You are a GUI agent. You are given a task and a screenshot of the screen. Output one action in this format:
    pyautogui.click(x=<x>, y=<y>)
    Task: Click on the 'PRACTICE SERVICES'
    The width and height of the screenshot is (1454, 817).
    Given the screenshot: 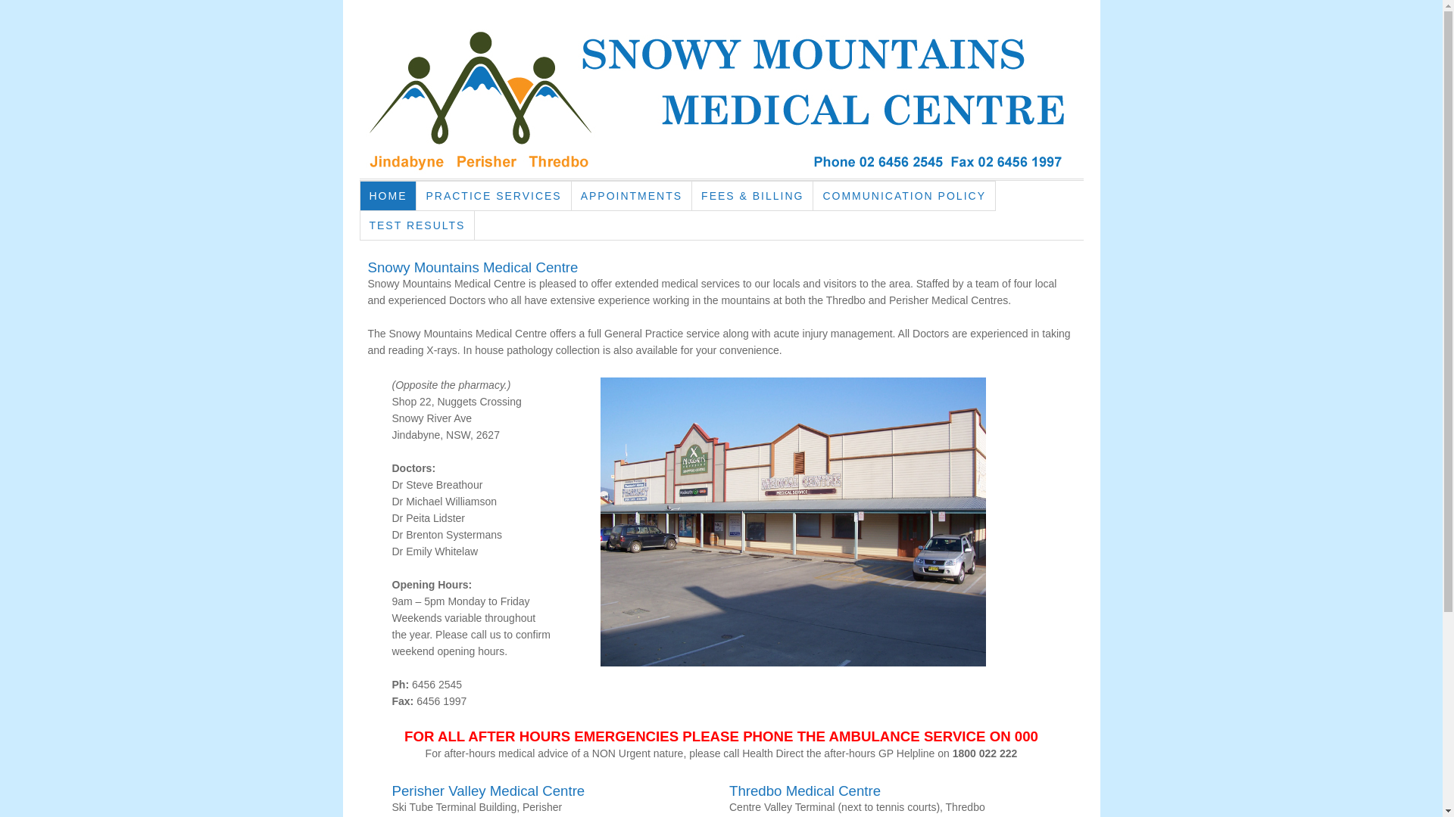 What is the action you would take?
    pyautogui.click(x=494, y=194)
    